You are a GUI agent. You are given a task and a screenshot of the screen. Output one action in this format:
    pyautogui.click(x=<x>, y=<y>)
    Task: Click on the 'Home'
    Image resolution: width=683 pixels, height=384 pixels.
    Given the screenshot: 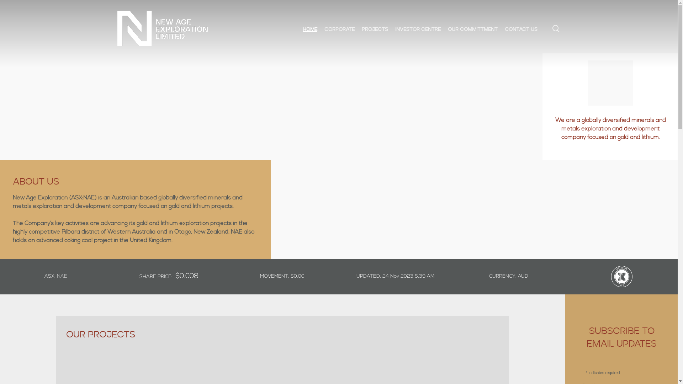 What is the action you would take?
    pyautogui.click(x=302, y=28)
    